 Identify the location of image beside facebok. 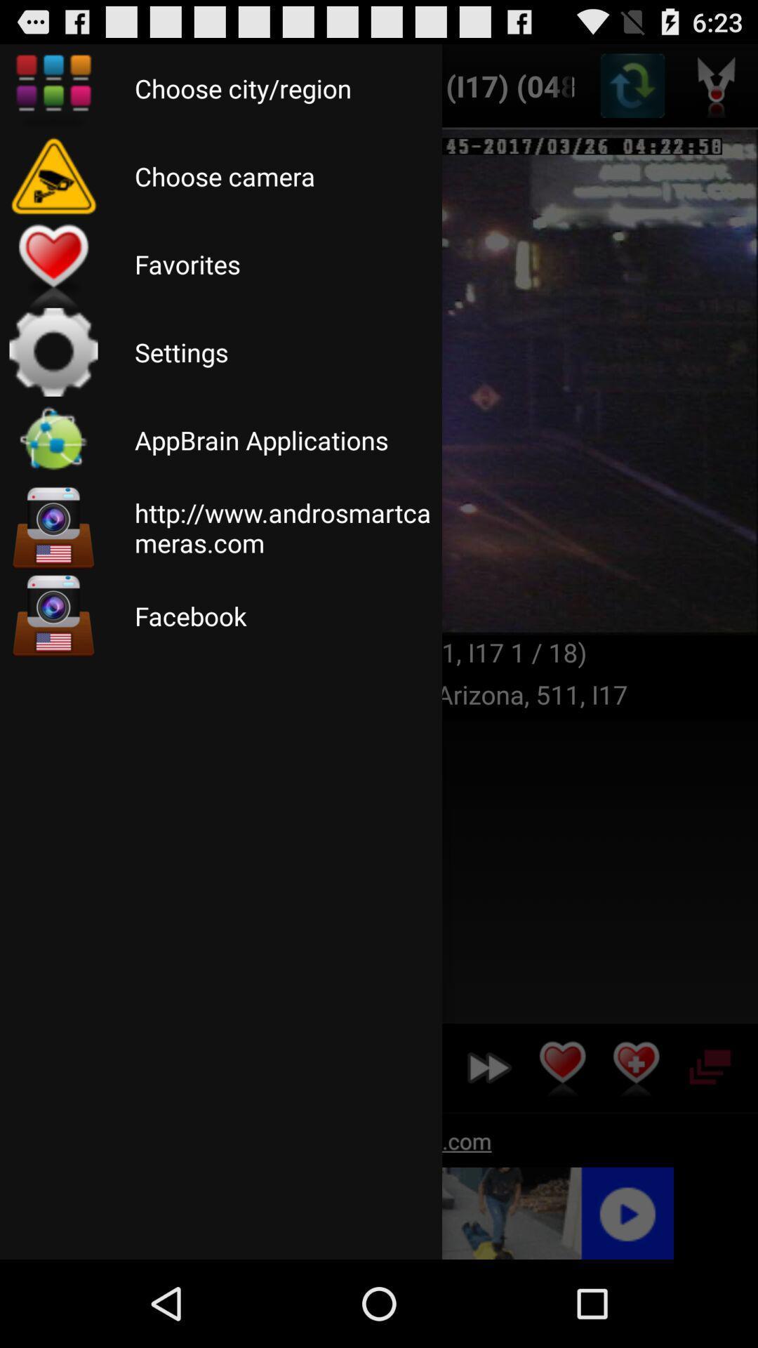
(53, 616).